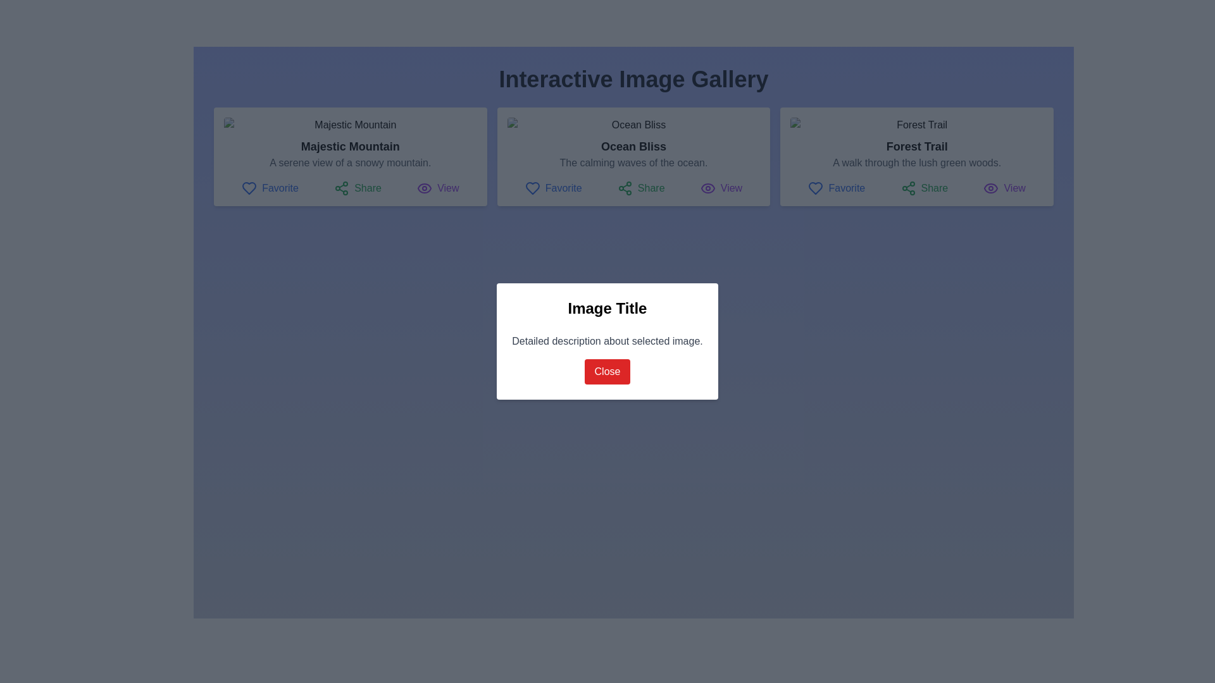 Image resolution: width=1215 pixels, height=683 pixels. I want to click on the sharing icon located to the left of the 'Share' text within the 'Share' button group in the middle card of the interactive gallery, so click(625, 188).